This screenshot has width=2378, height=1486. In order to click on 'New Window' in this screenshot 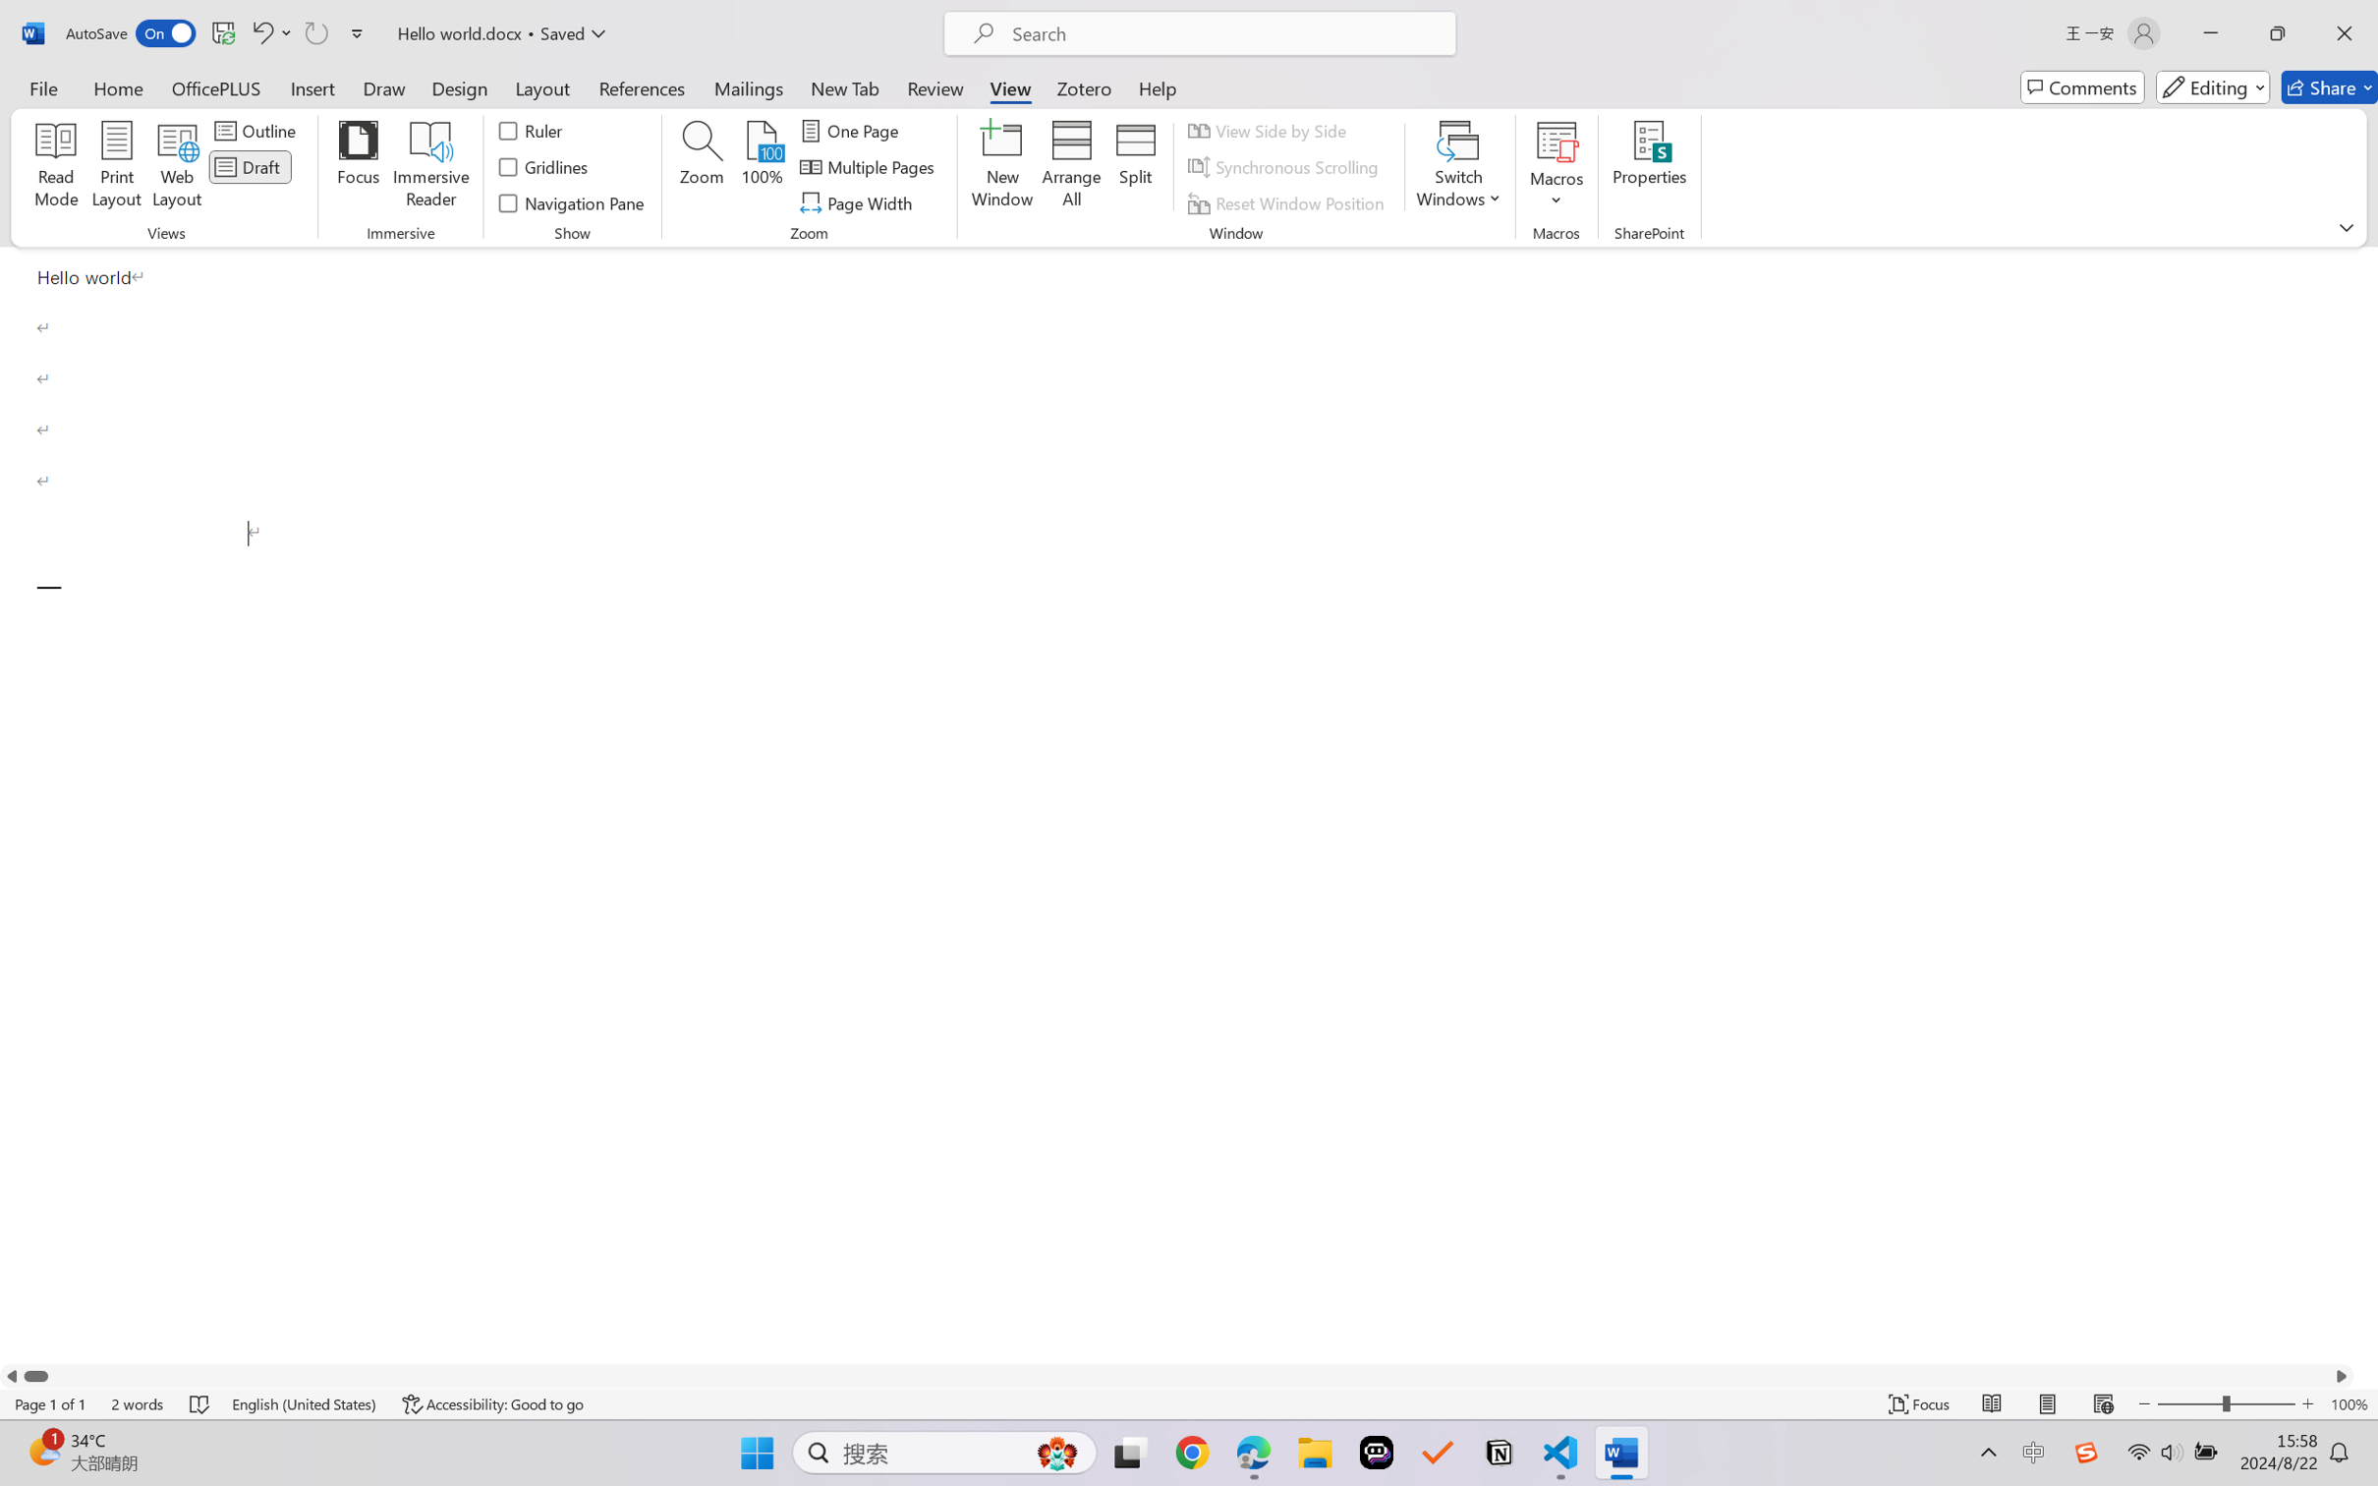, I will do `click(1002, 167)`.